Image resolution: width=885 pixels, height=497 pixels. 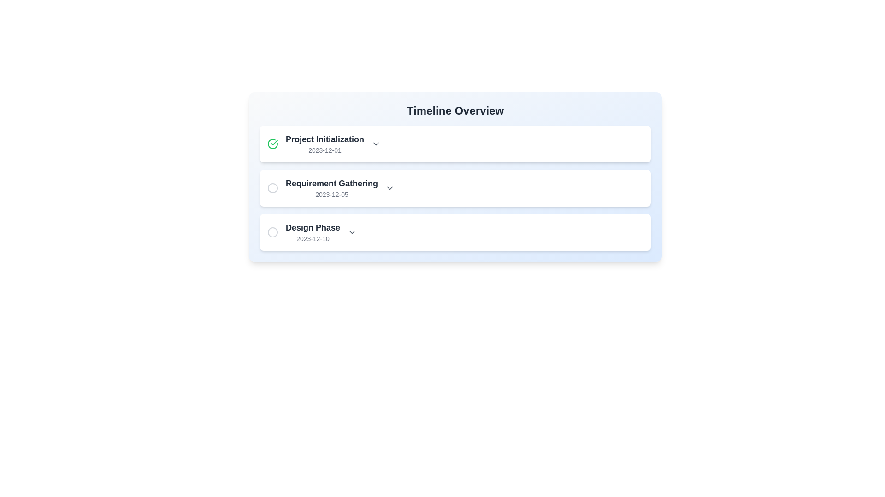 What do you see at coordinates (351, 232) in the screenshot?
I see `the chevron-down icon used as a dropdown toggle` at bounding box center [351, 232].